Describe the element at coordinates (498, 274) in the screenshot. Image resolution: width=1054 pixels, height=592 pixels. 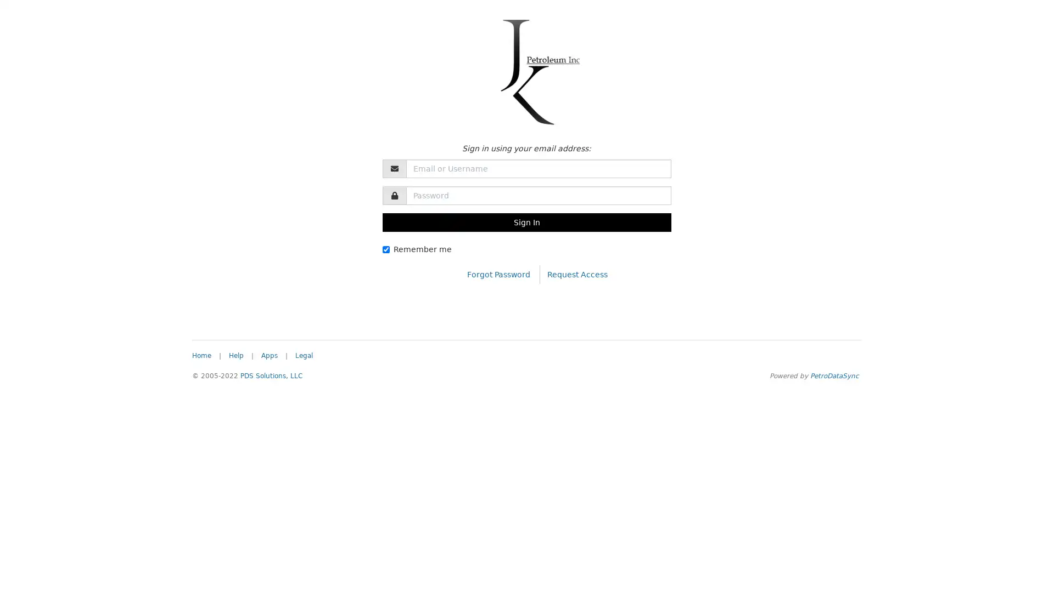
I see `Forgot Password` at that location.